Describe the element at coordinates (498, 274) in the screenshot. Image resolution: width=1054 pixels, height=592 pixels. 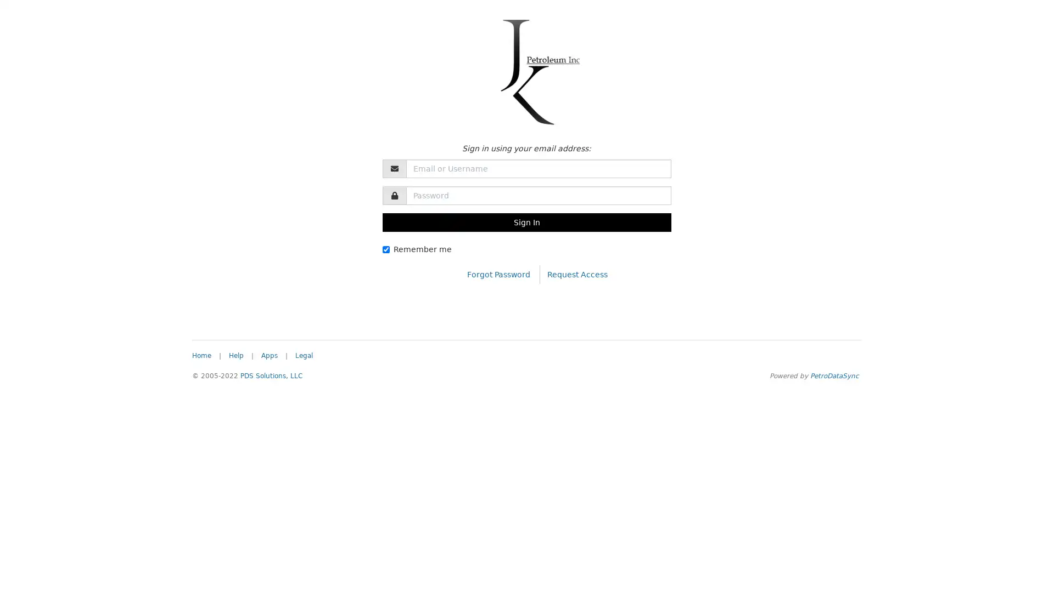
I see `Forgot Password` at that location.